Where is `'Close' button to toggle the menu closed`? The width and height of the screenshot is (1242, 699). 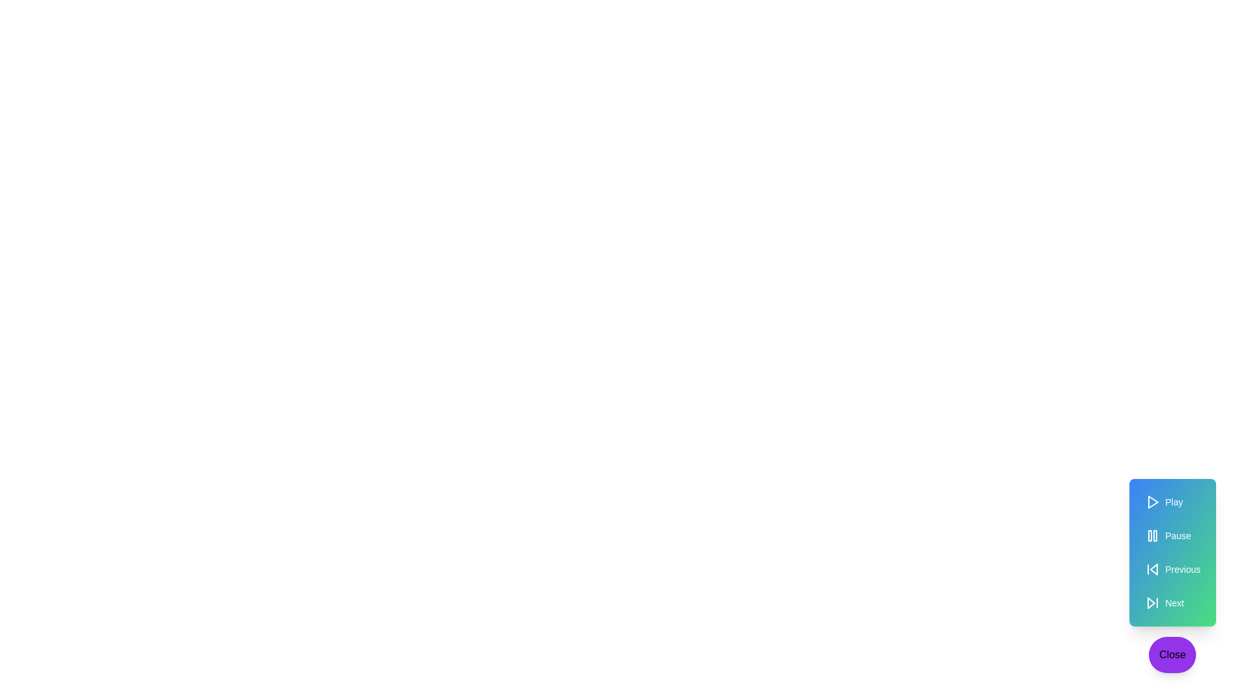 'Close' button to toggle the menu closed is located at coordinates (1172, 654).